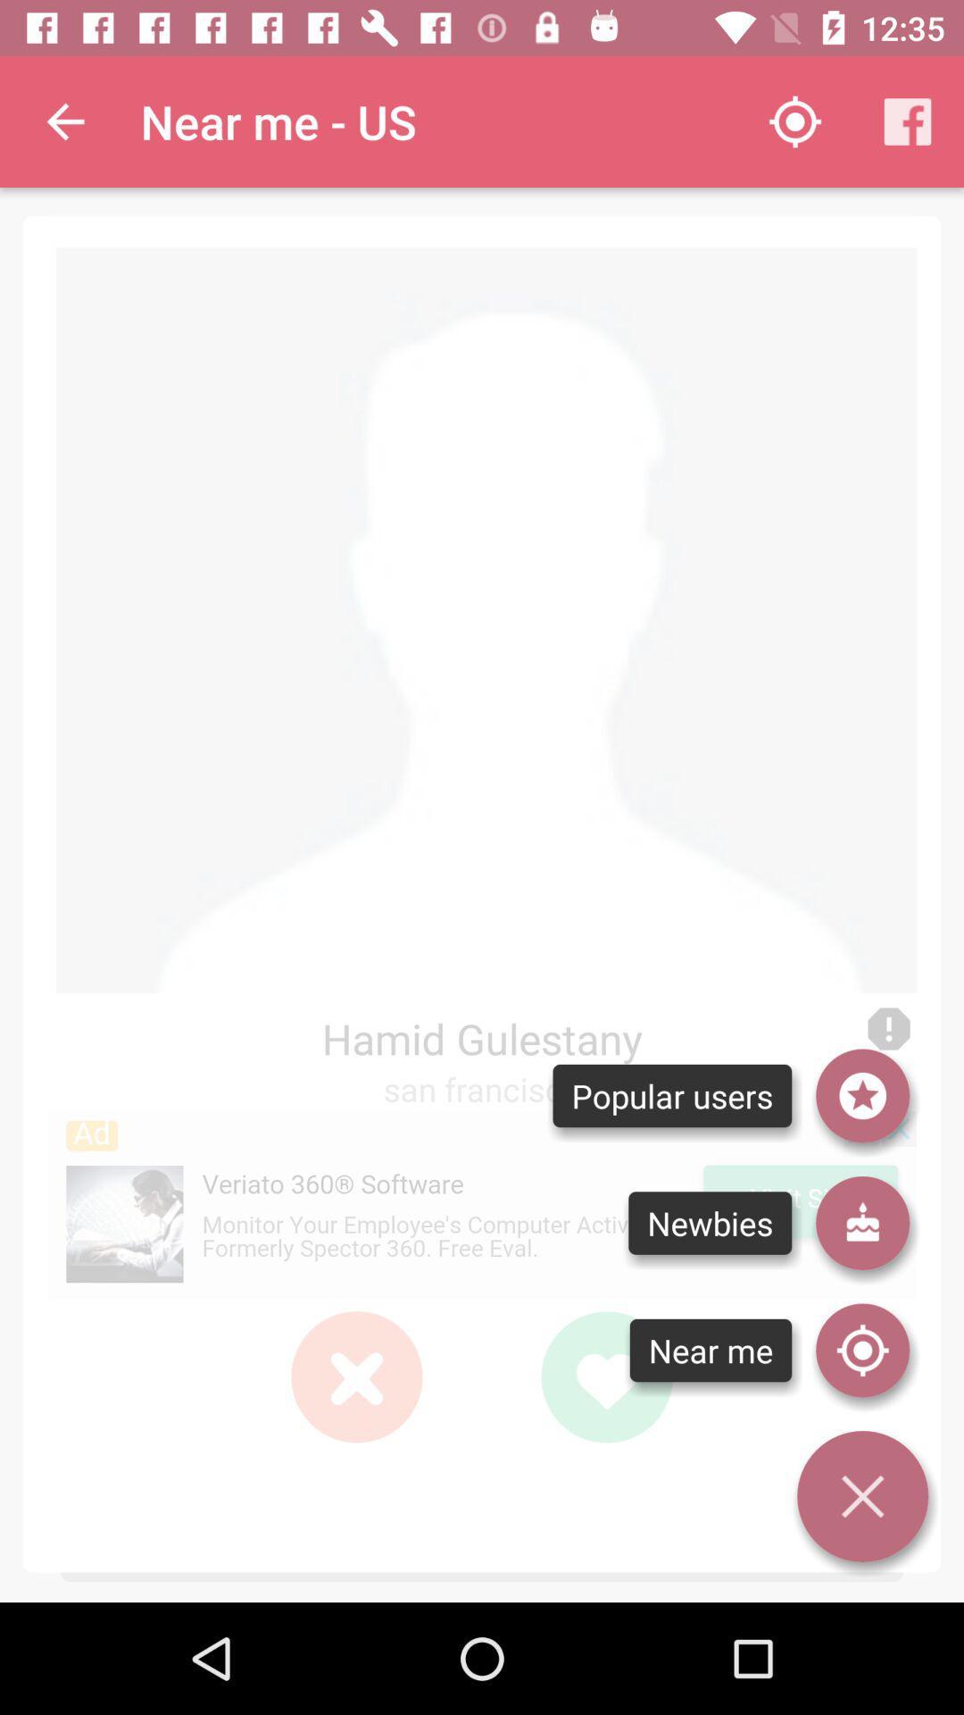  What do you see at coordinates (861, 1351) in the screenshot?
I see `the location_crosshair icon` at bounding box center [861, 1351].